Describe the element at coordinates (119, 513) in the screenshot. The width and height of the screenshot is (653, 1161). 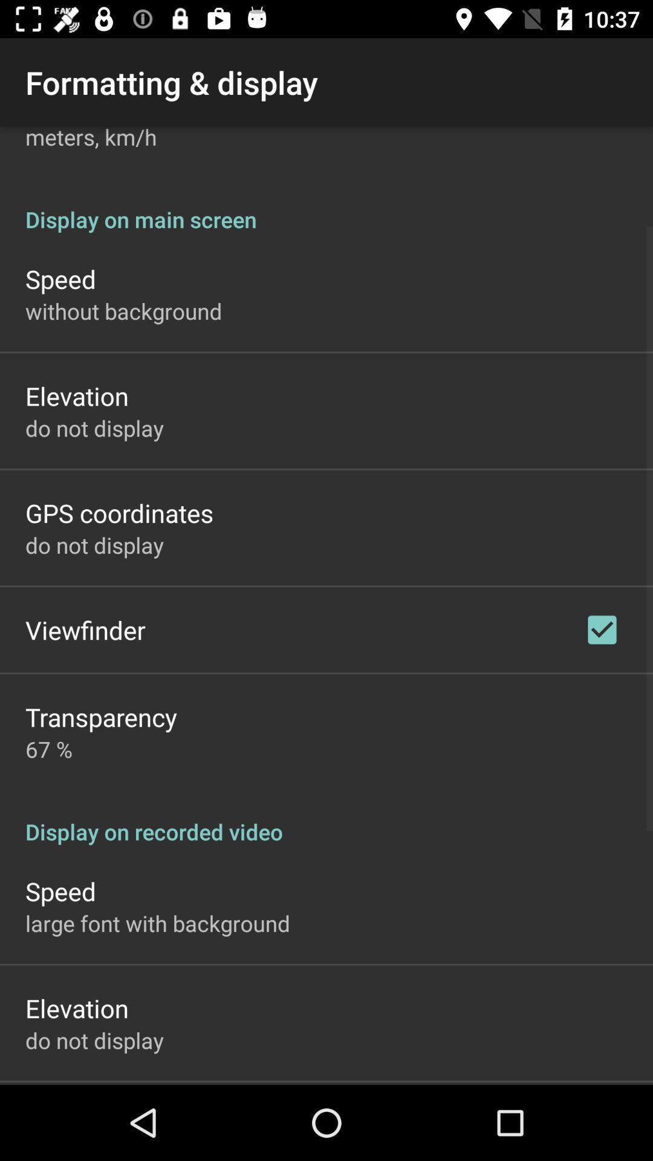
I see `app below do not display` at that location.